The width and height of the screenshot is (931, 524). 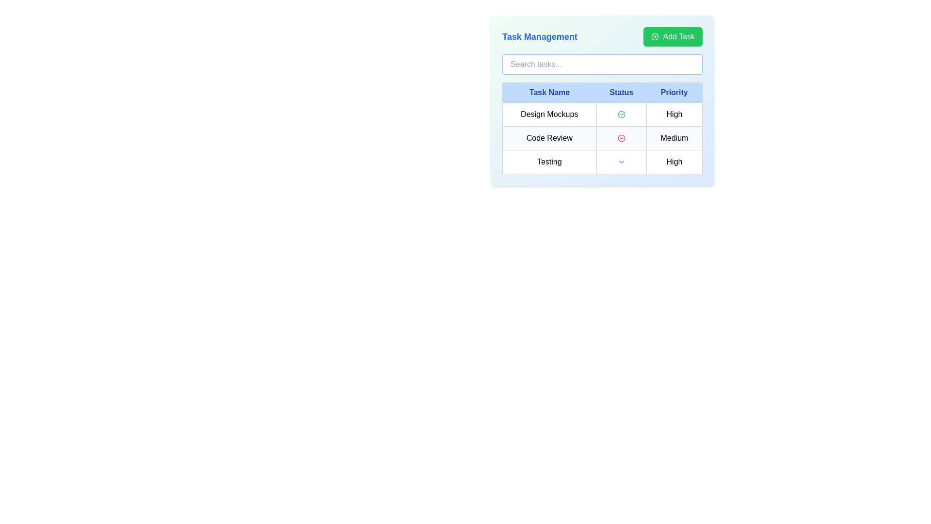 What do you see at coordinates (549, 114) in the screenshot?
I see `text content of the table cell displaying 'Design Mockups', located in the first cell of the 'Task Name' column in the top row` at bounding box center [549, 114].